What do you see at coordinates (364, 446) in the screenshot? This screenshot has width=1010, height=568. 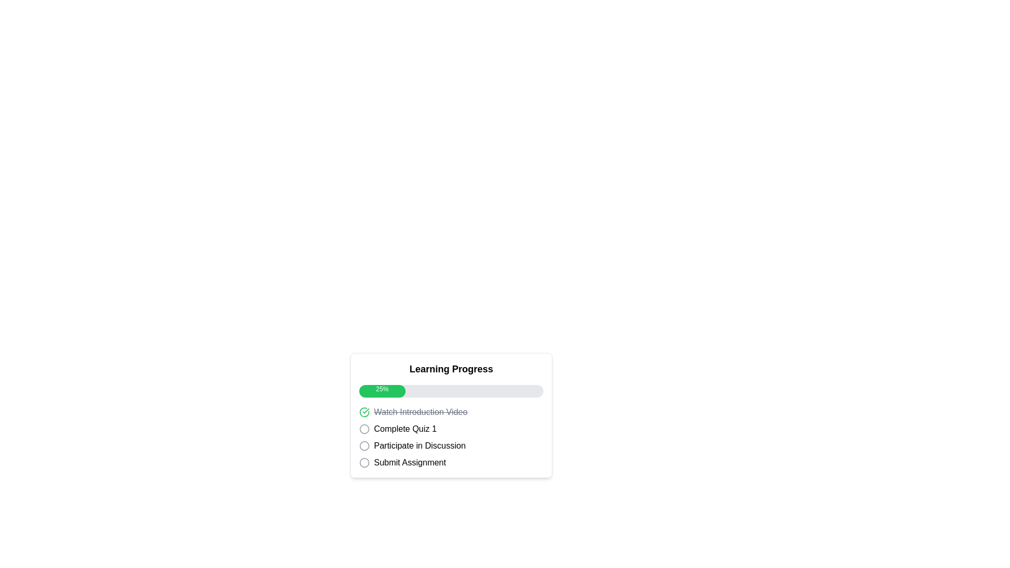 I see `the second circular icon indicating 'Participate in Discussion' under 'Learning Progress'` at bounding box center [364, 446].